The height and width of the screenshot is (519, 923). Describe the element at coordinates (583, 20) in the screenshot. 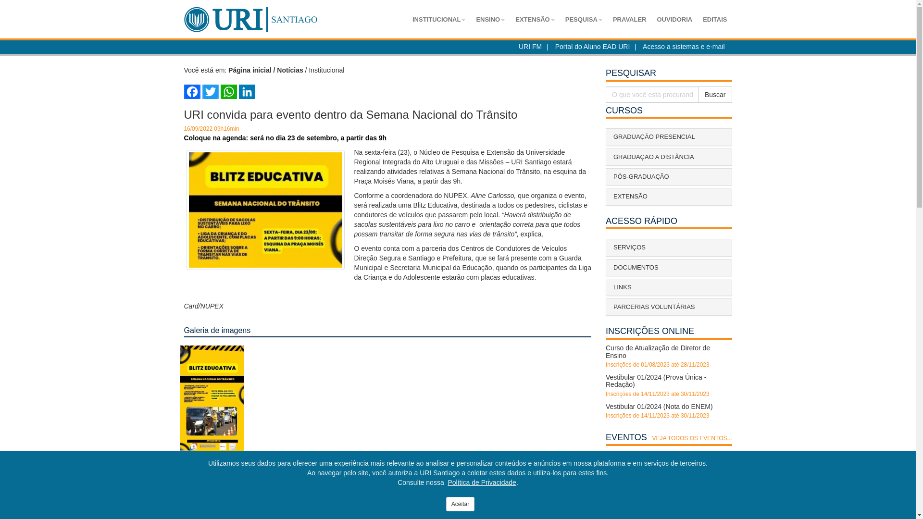

I see `'PESQUISA'` at that location.